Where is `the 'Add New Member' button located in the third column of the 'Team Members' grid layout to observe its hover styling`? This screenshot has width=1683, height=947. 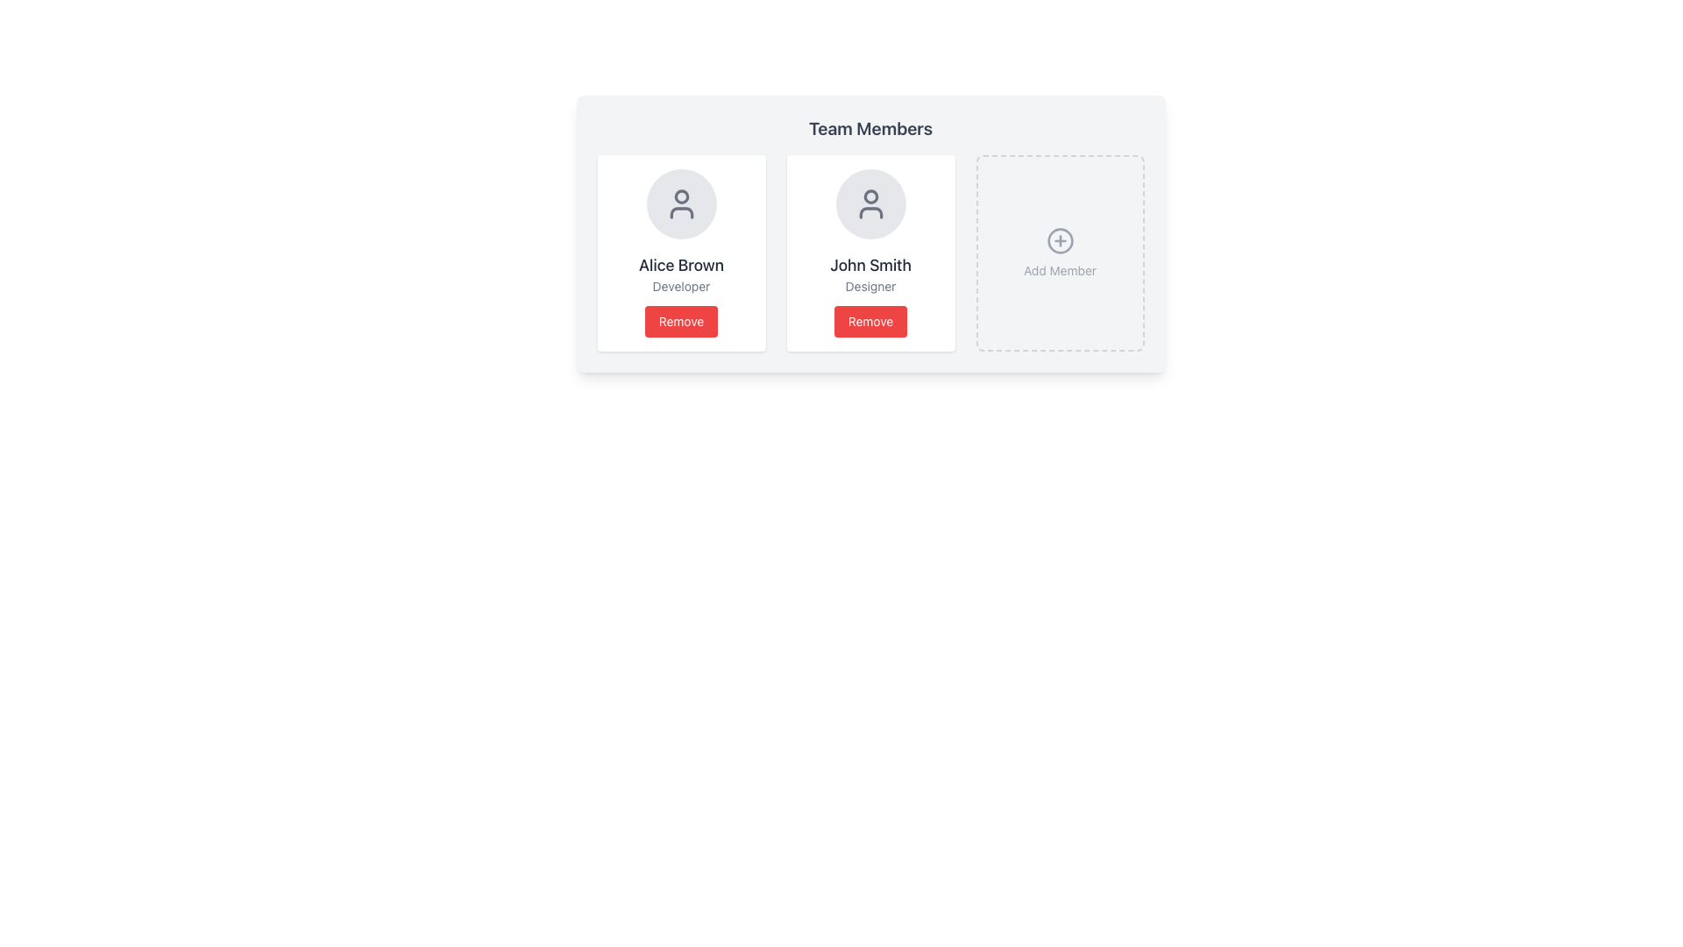
the 'Add New Member' button located in the third column of the 'Team Members' grid layout to observe its hover styling is located at coordinates (1059, 253).